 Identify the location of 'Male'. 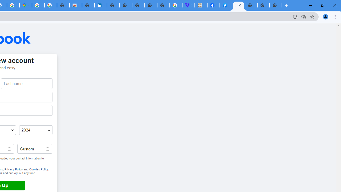
(9, 149).